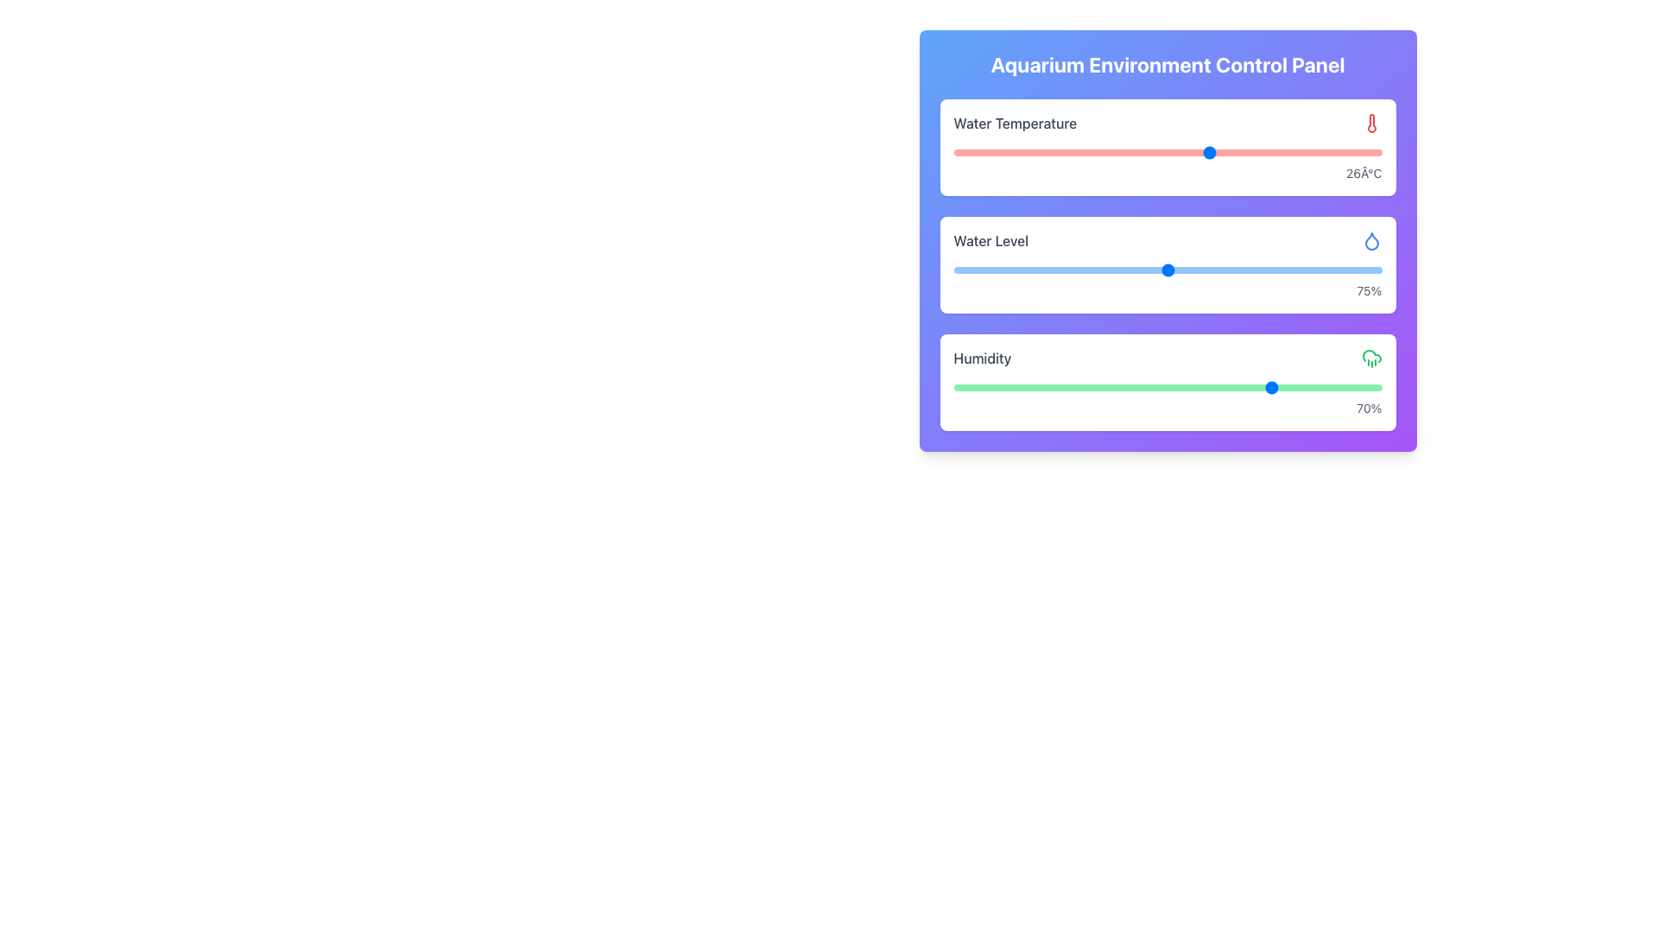 The image size is (1658, 933). What do you see at coordinates (1188, 386) in the screenshot?
I see `the humidity` at bounding box center [1188, 386].